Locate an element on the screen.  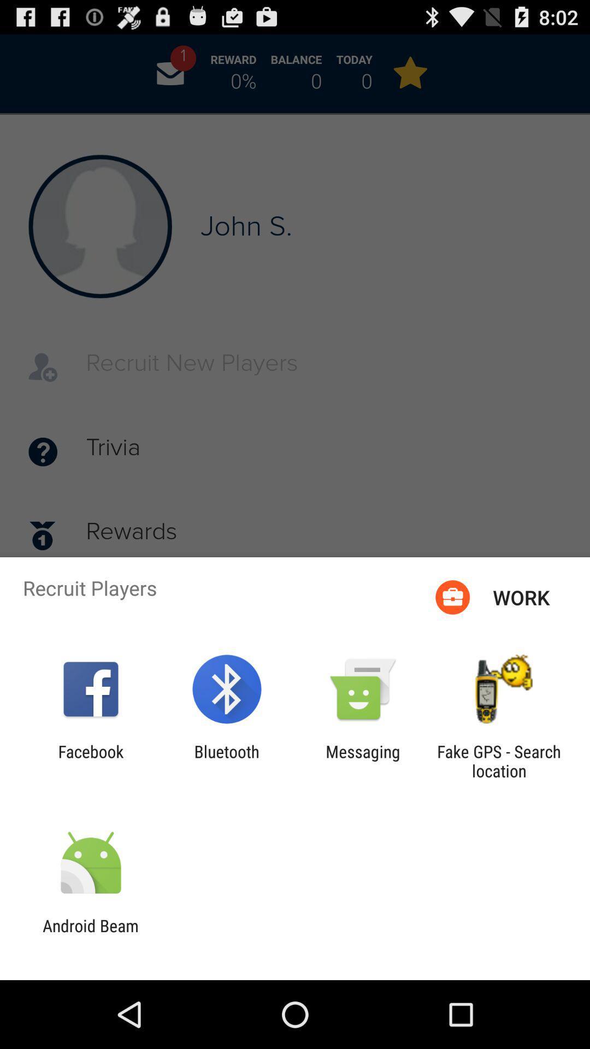
the item to the left of the fake gps search icon is located at coordinates (363, 761).